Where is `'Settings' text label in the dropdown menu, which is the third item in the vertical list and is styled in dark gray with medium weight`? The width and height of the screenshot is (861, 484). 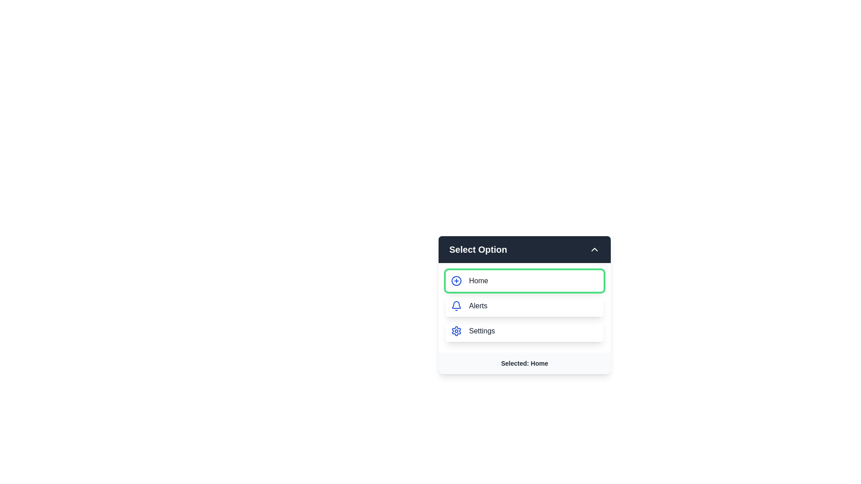
'Settings' text label in the dropdown menu, which is the third item in the vertical list and is styled in dark gray with medium weight is located at coordinates (481, 331).